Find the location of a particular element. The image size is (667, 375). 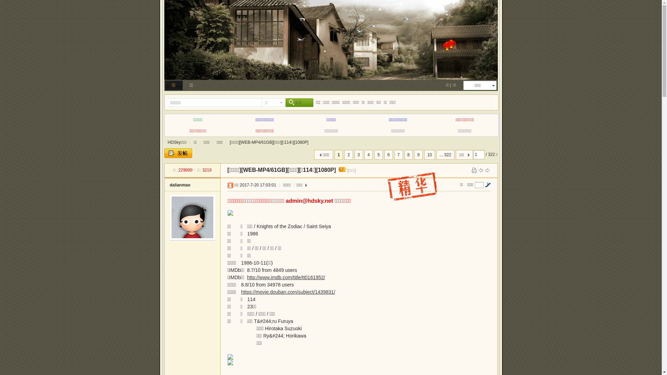

'2' is located at coordinates (344, 155).